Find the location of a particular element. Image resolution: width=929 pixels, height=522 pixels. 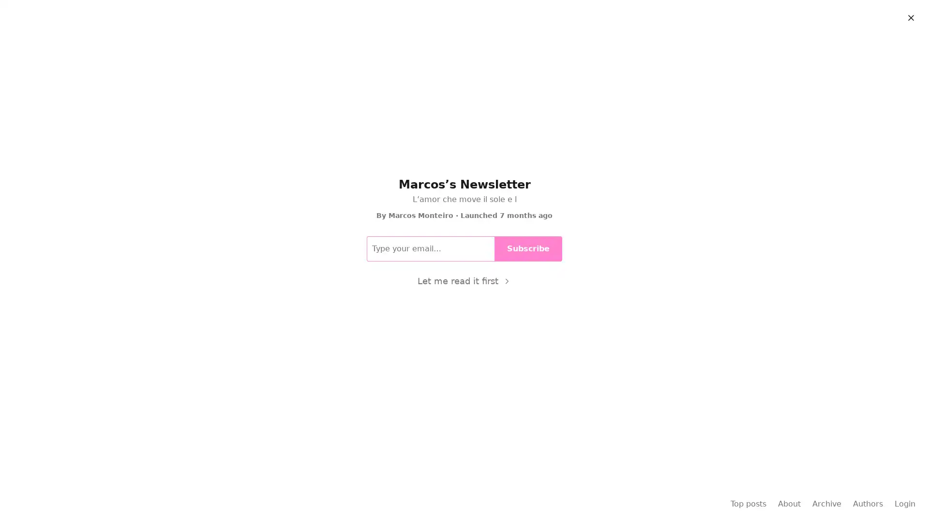

Subscribe is located at coordinates (851, 15).